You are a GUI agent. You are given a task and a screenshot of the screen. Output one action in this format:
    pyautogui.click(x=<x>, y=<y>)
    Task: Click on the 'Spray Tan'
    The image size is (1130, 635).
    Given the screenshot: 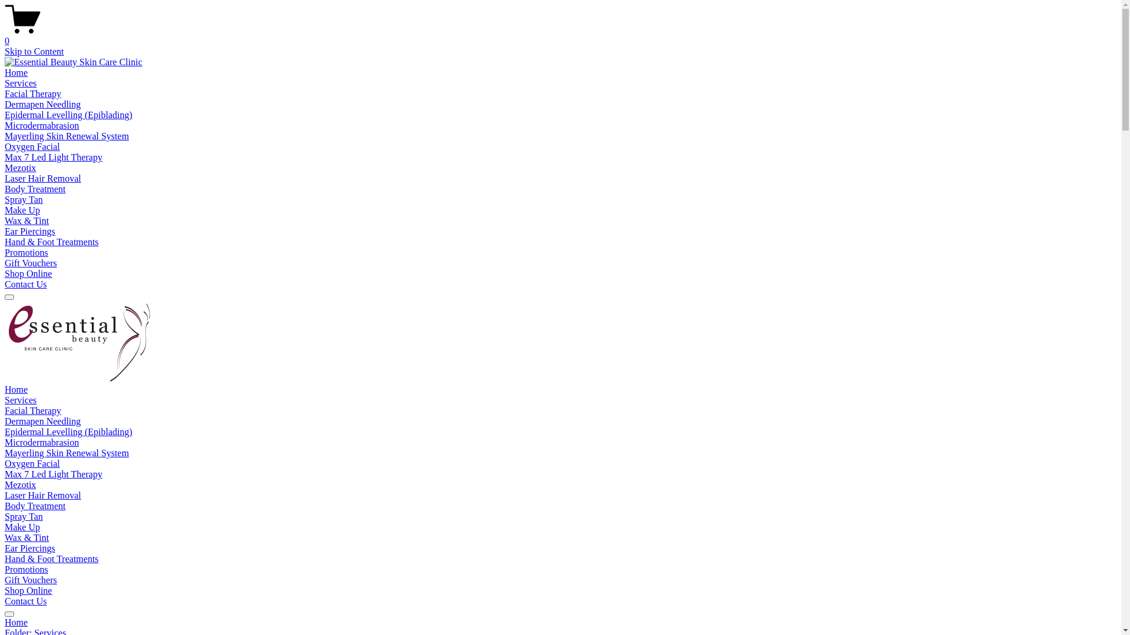 What is the action you would take?
    pyautogui.click(x=24, y=516)
    